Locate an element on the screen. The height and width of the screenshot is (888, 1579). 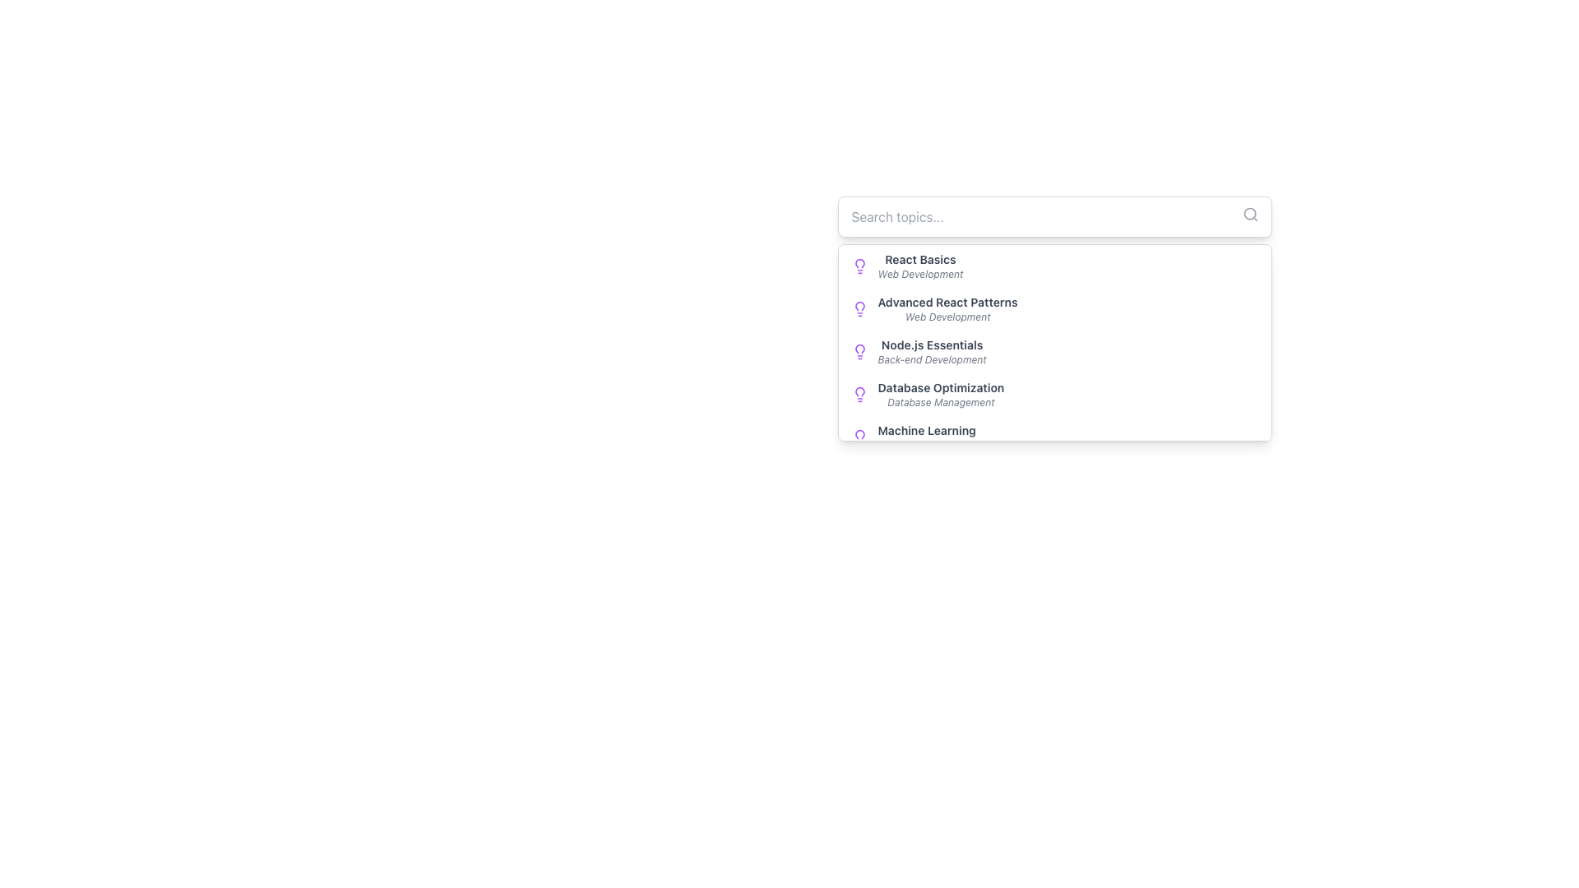
the last list item in the dropdown menu is located at coordinates (1054, 437).